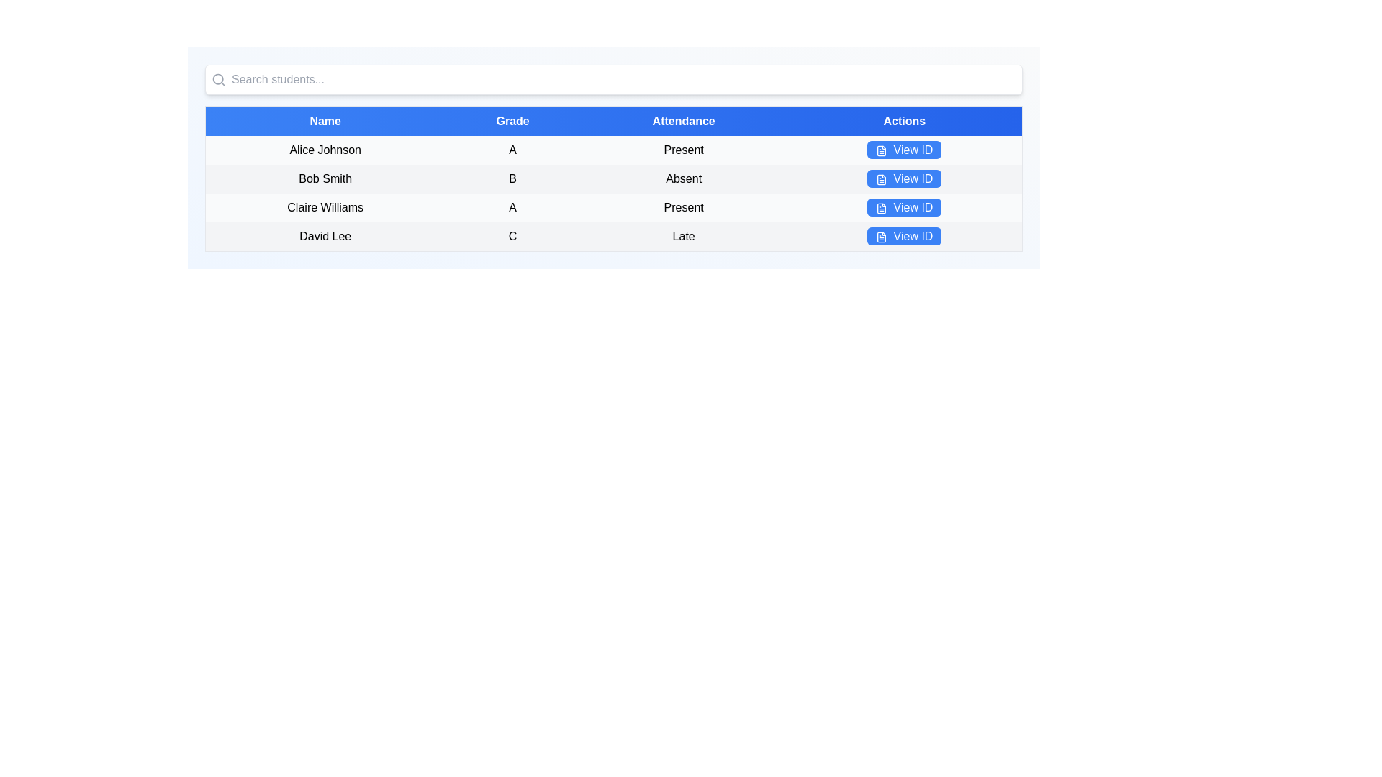 The width and height of the screenshot is (1382, 777). What do you see at coordinates (324, 236) in the screenshot?
I see `text of the 'David Lee' element, which is a bold text component located in the first column of the fourth row of the table under the 'Name' header` at bounding box center [324, 236].